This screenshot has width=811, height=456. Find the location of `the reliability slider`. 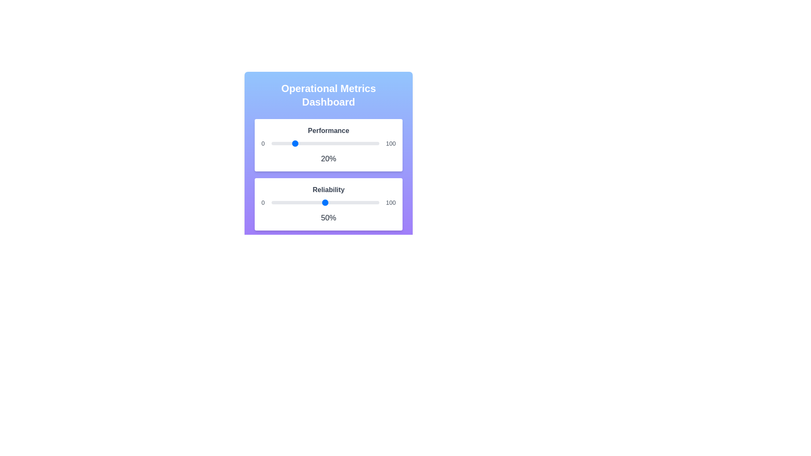

the reliability slider is located at coordinates (339, 202).